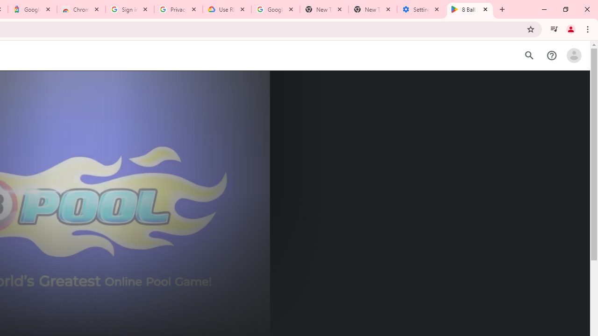 The height and width of the screenshot is (336, 598). Describe the element at coordinates (81, 9) in the screenshot. I see `'Chrome Web Store - Color themes by Chrome'` at that location.